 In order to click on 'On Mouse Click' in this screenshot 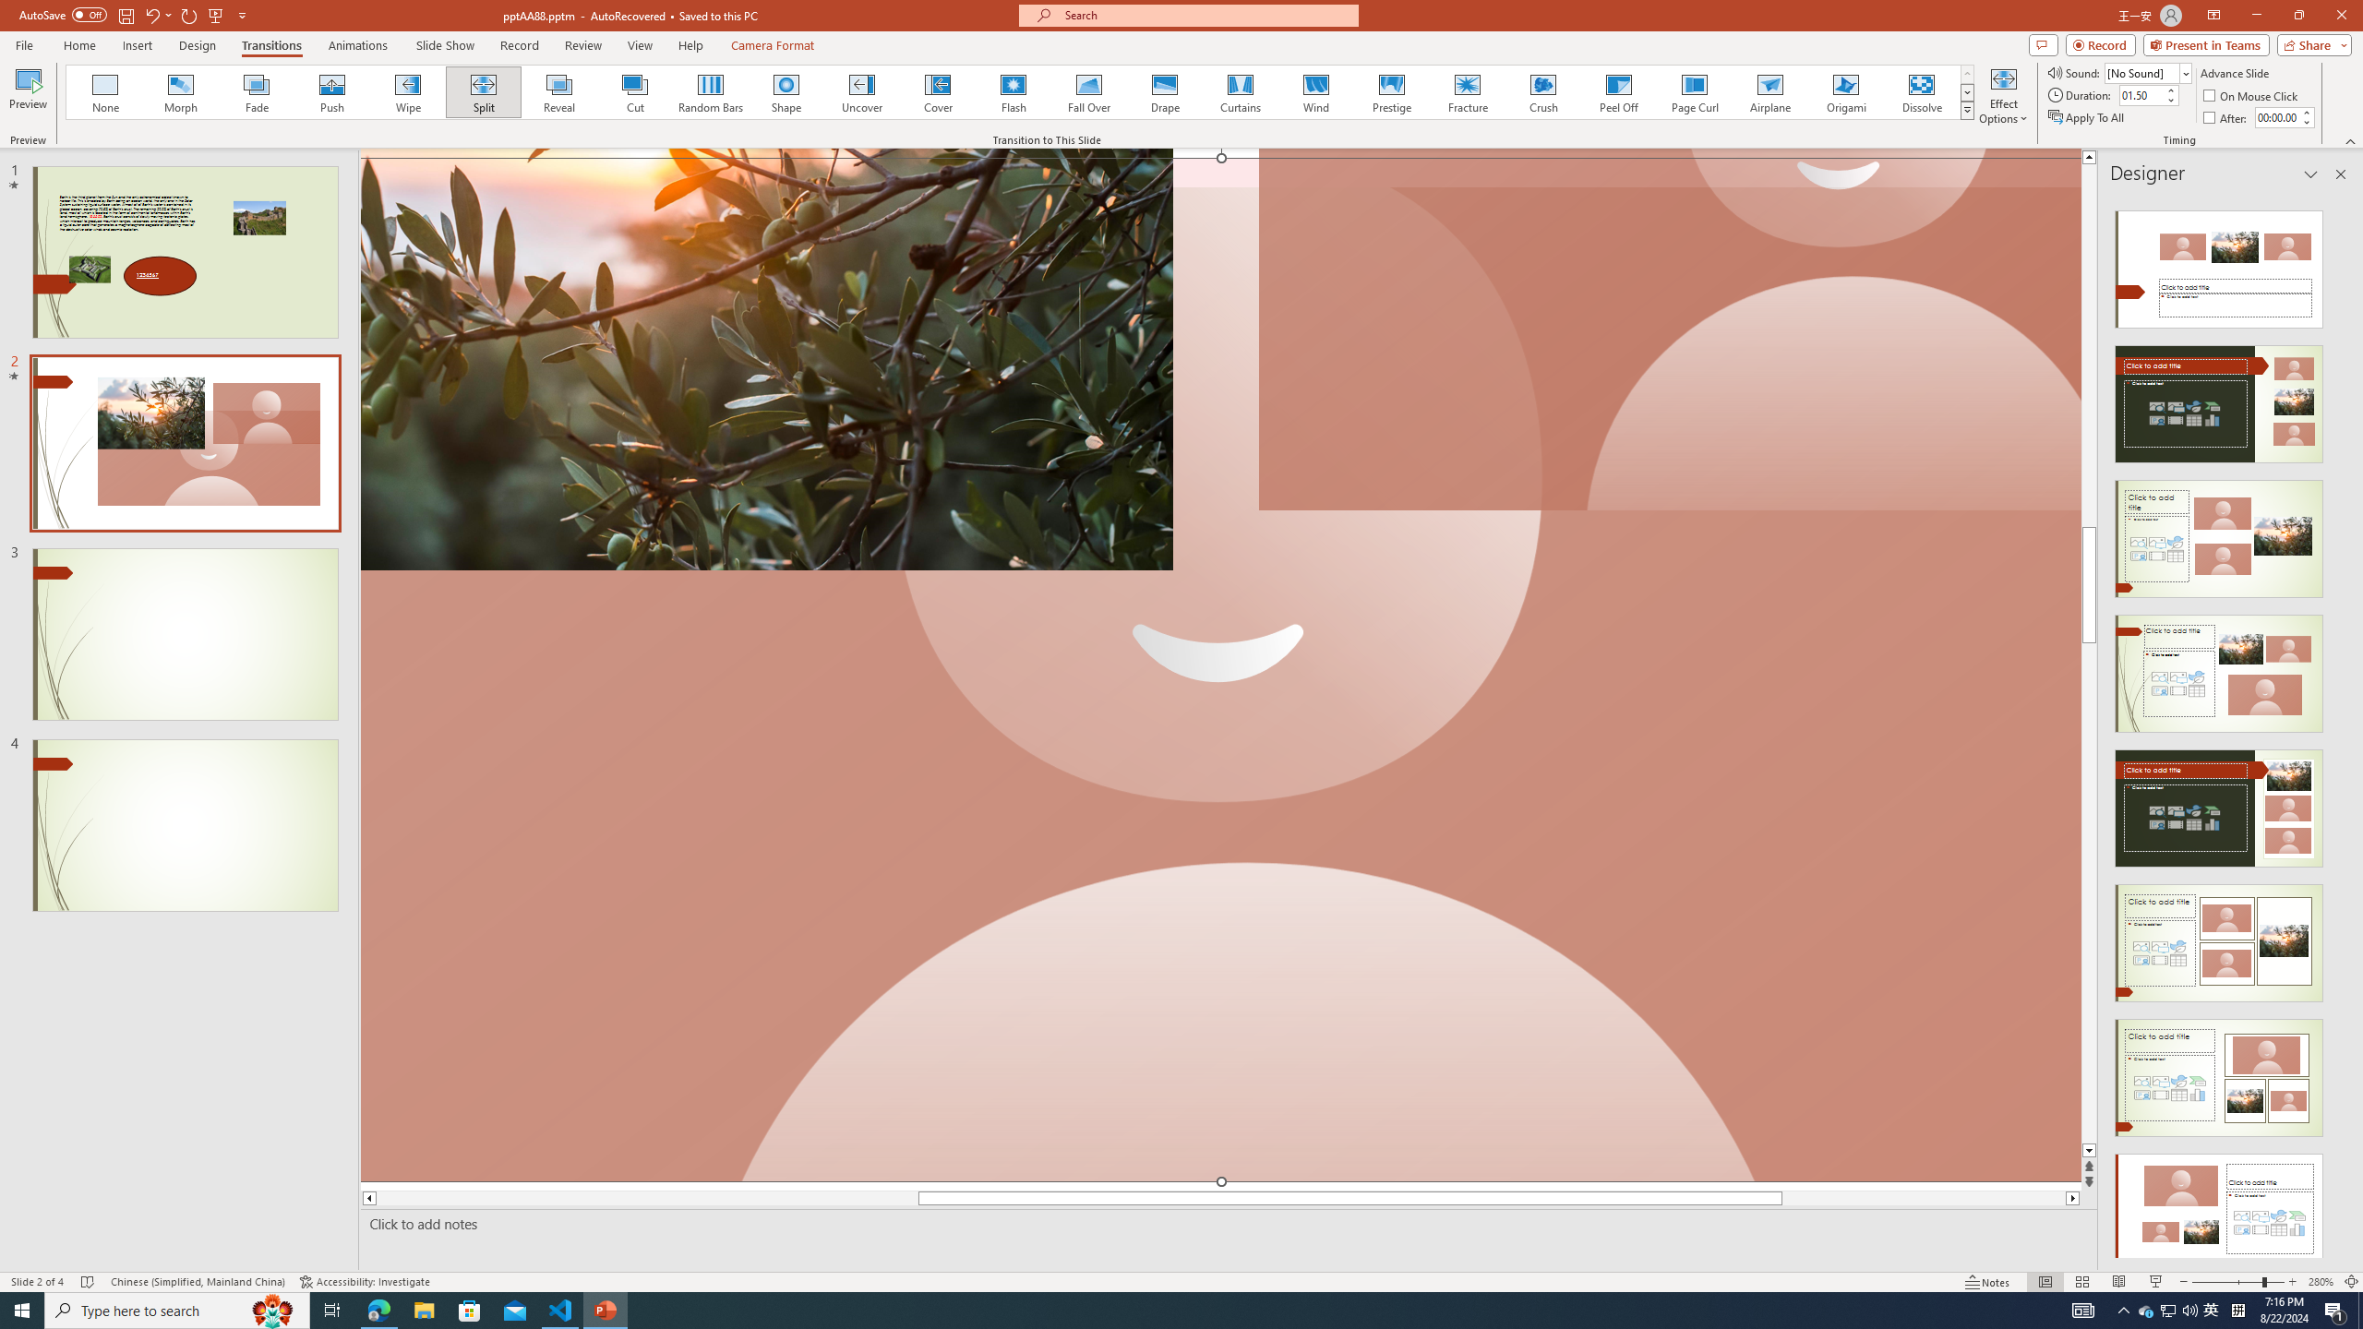, I will do `click(2250, 95)`.